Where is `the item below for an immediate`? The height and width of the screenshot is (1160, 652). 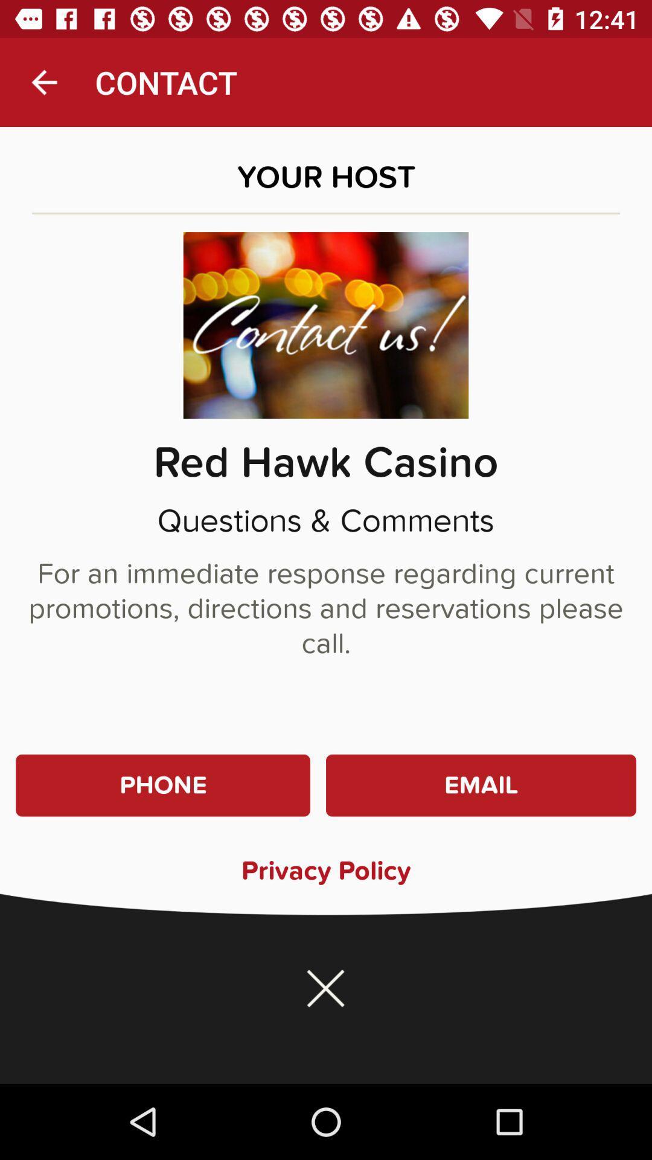
the item below for an immediate is located at coordinates (480, 785).